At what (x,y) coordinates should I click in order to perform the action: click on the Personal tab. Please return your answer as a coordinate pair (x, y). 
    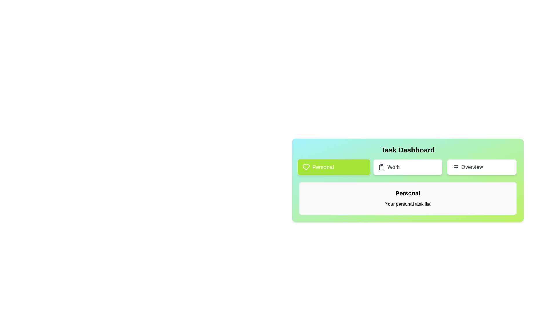
    Looking at the image, I should click on (334, 167).